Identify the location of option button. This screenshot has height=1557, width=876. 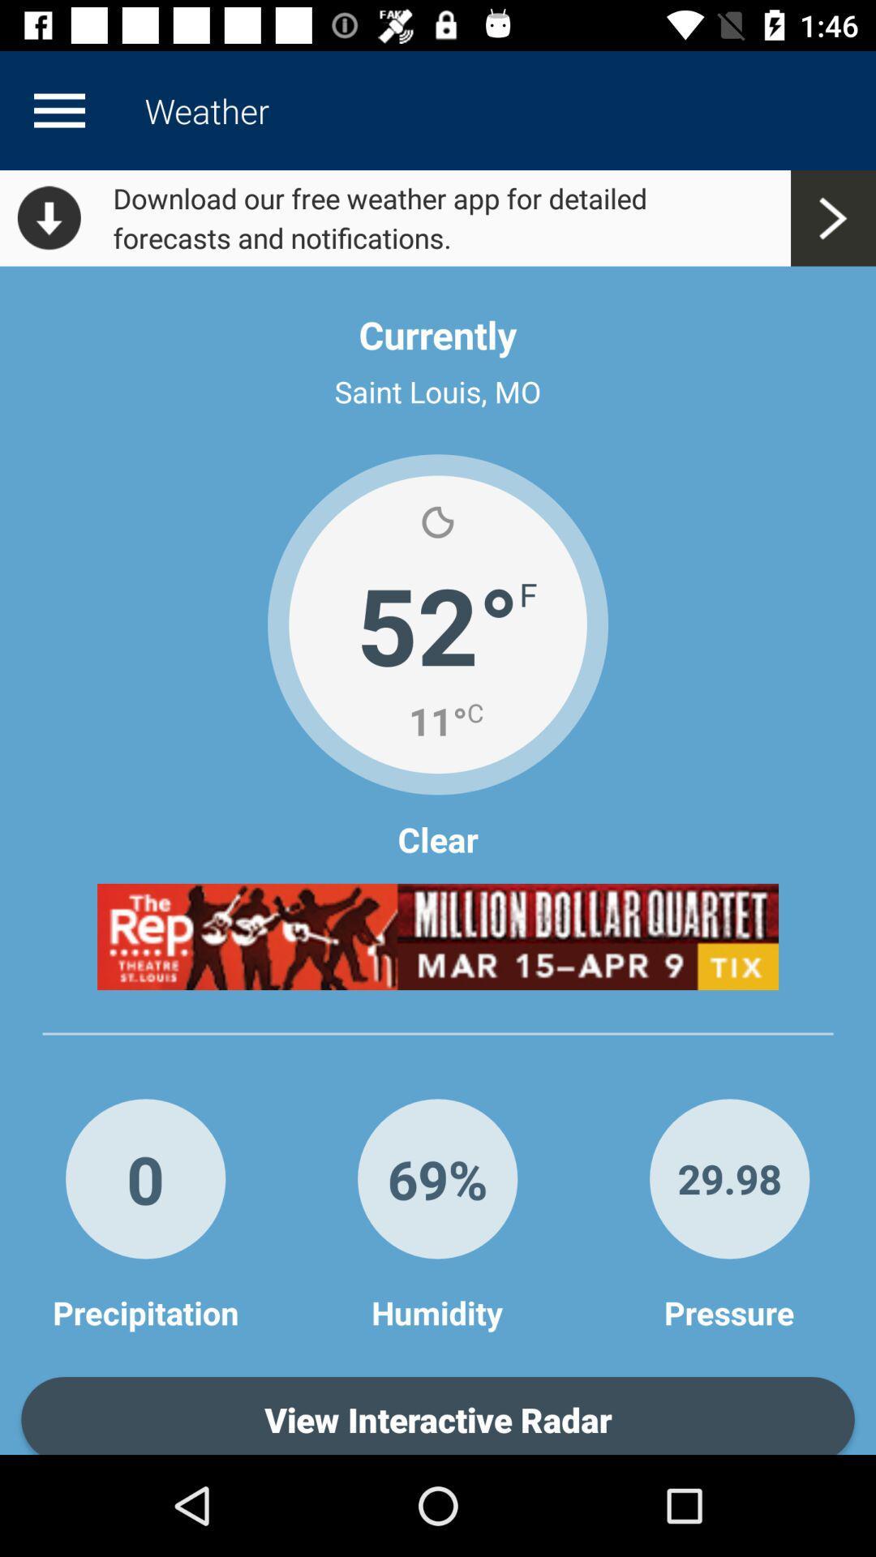
(58, 109).